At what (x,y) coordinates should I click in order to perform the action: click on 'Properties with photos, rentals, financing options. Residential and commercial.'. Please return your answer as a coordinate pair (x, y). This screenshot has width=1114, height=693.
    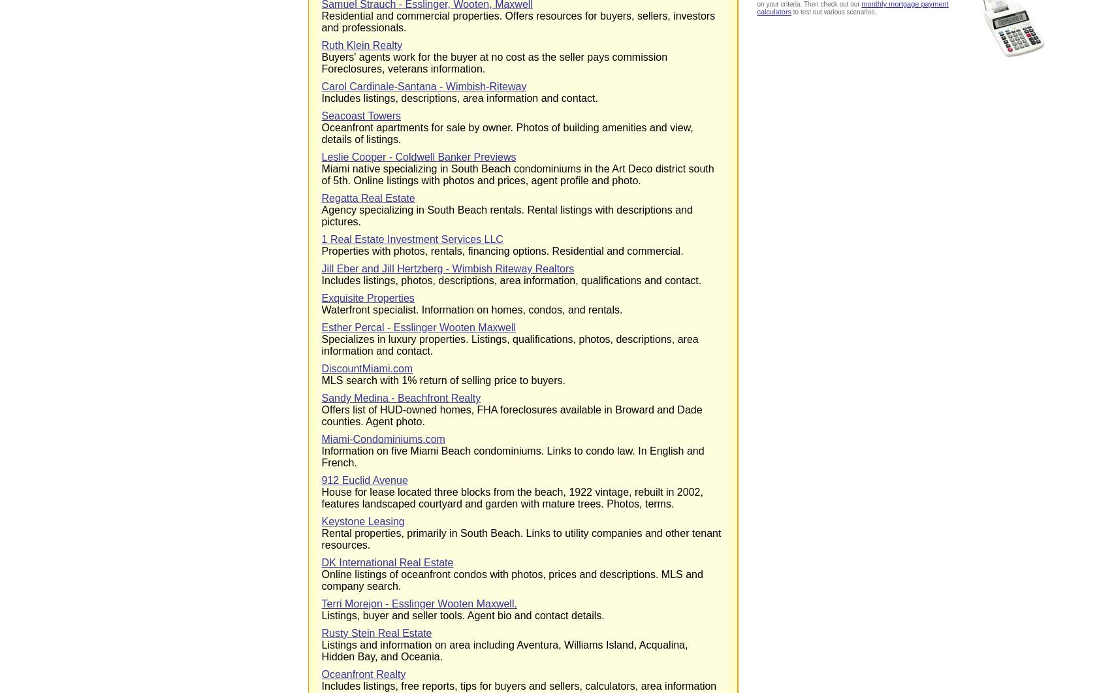
    Looking at the image, I should click on (501, 251).